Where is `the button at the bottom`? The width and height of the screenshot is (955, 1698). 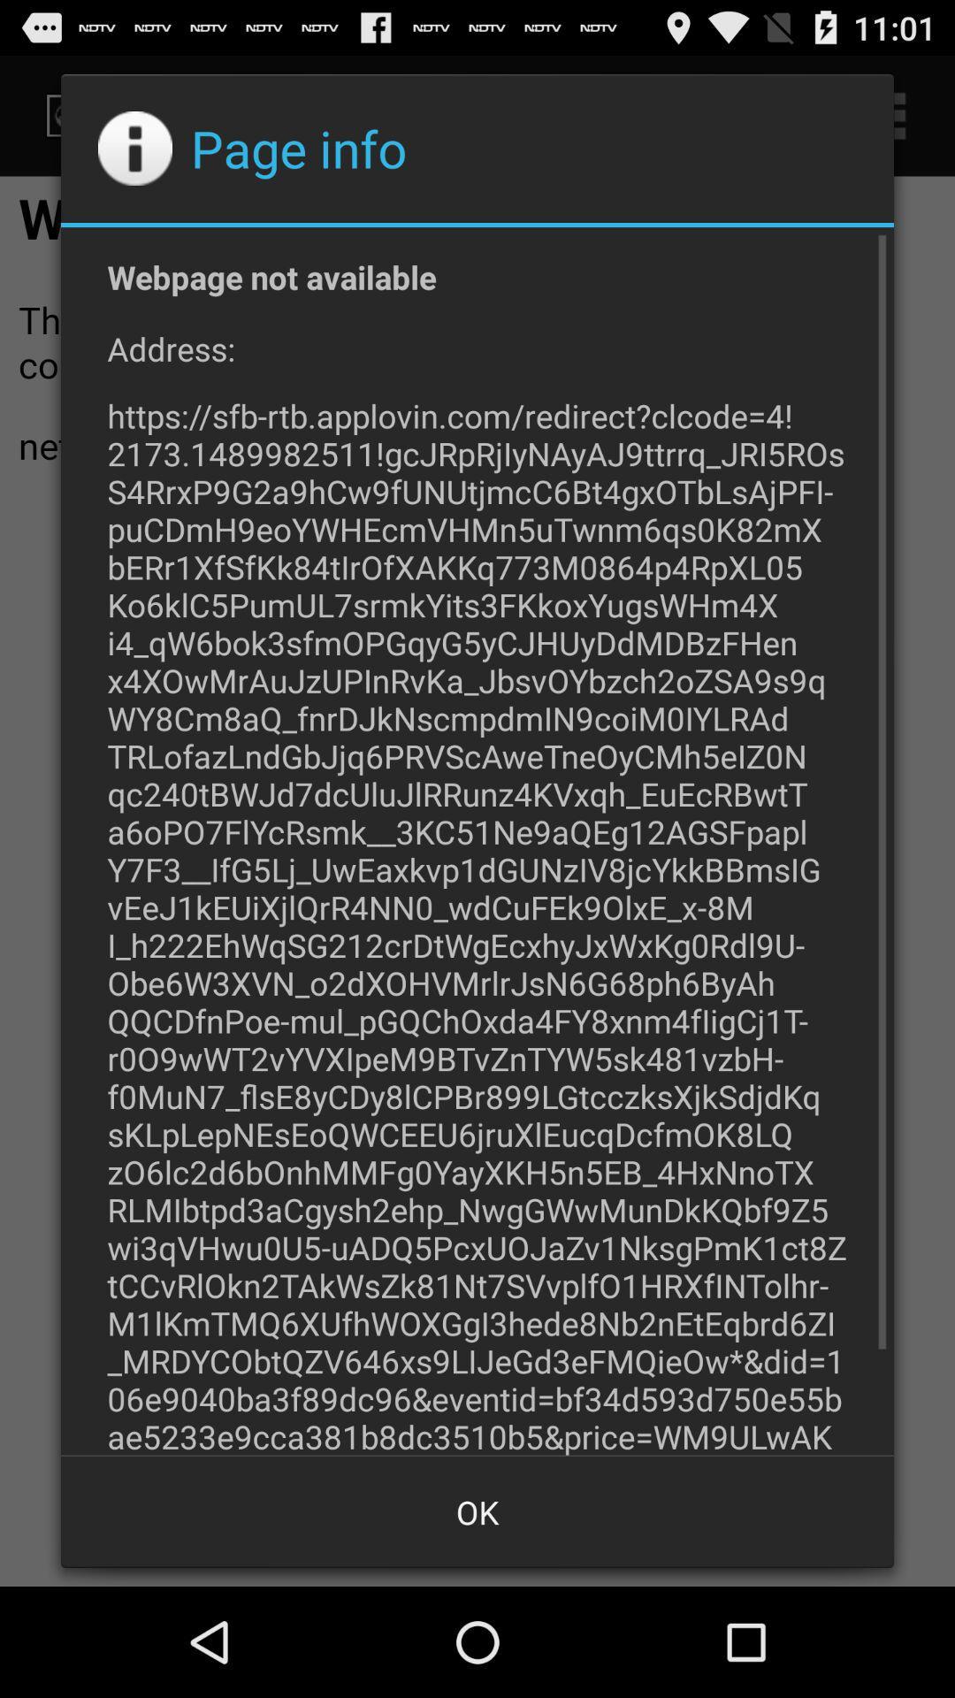
the button at the bottom is located at coordinates (477, 1511).